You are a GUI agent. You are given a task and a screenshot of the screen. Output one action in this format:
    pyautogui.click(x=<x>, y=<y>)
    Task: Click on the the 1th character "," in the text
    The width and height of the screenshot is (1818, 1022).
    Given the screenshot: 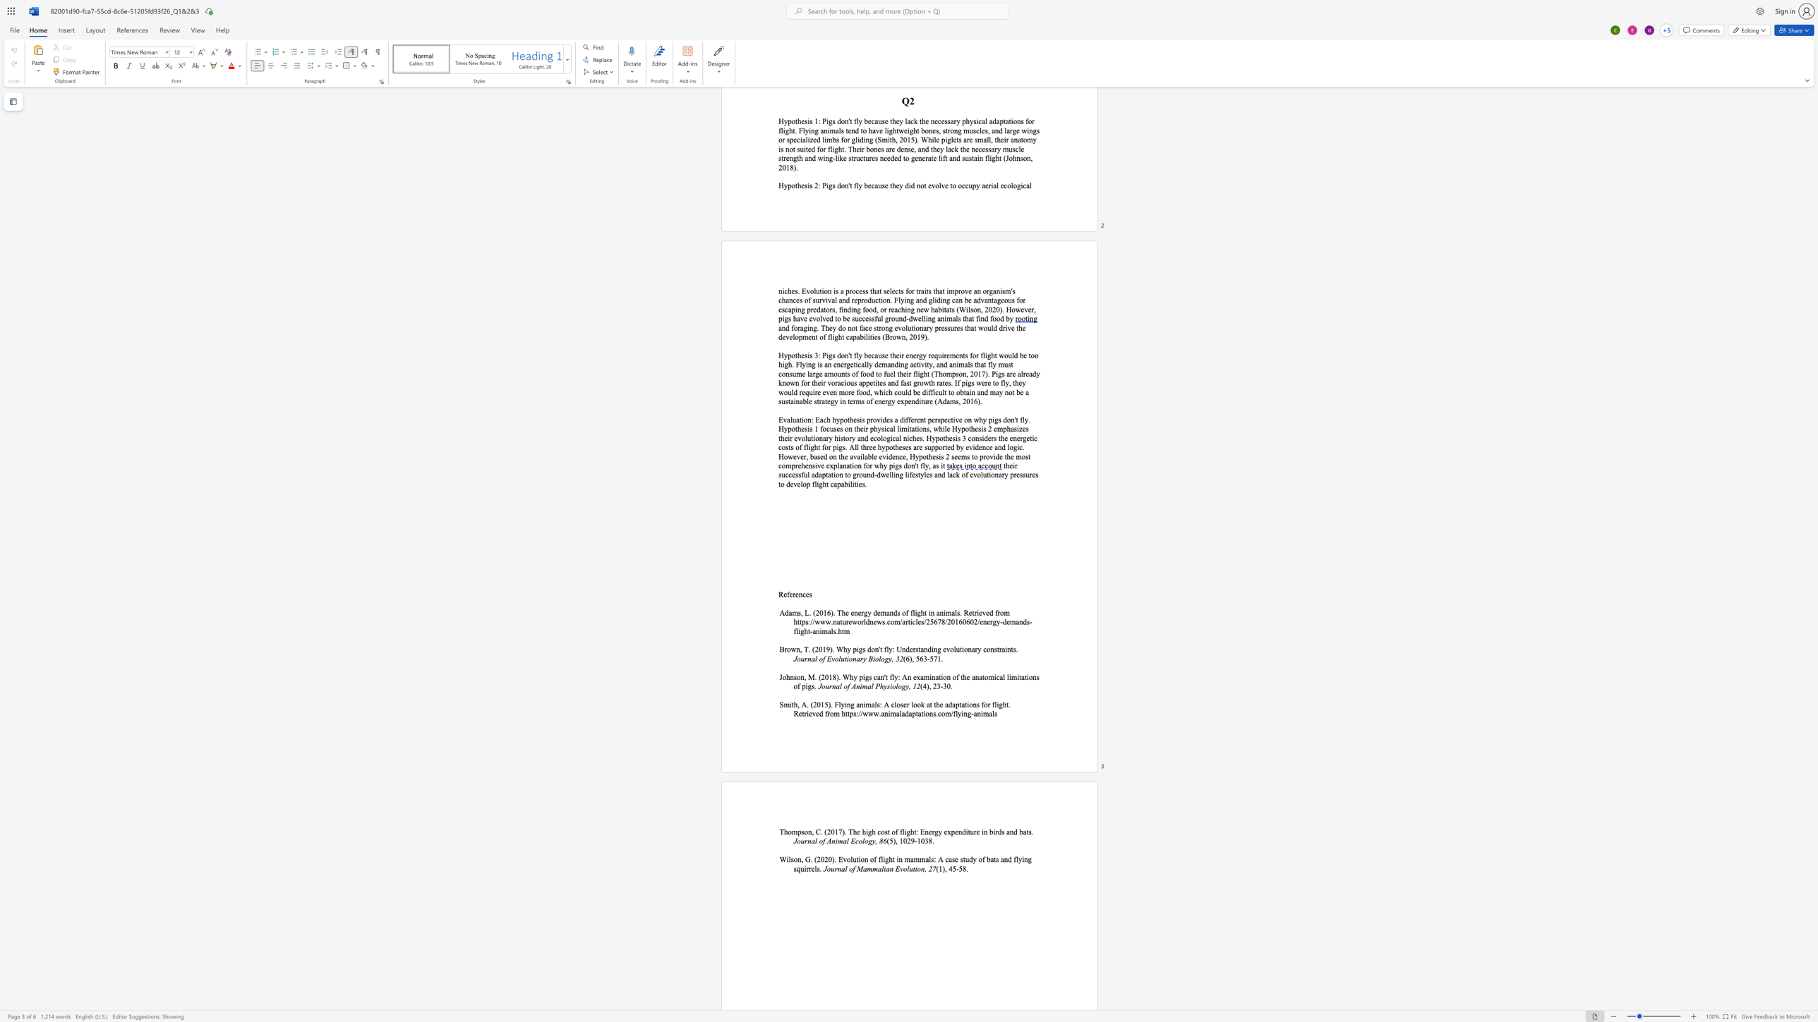 What is the action you would take?
    pyautogui.click(x=945, y=868)
    